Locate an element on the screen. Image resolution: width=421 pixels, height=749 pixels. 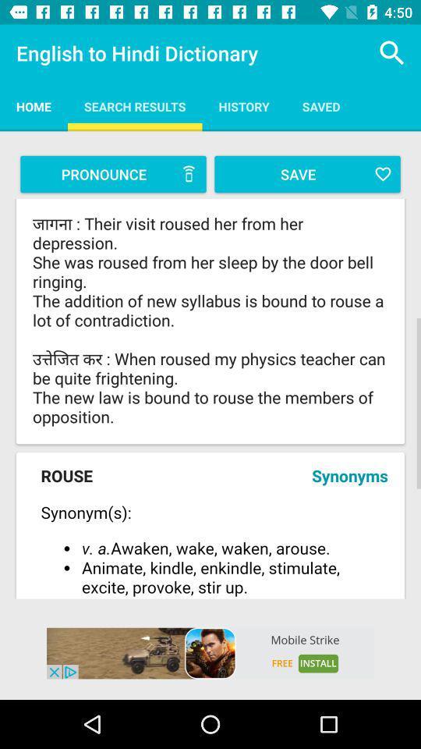
advertisement is located at coordinates (210, 653).